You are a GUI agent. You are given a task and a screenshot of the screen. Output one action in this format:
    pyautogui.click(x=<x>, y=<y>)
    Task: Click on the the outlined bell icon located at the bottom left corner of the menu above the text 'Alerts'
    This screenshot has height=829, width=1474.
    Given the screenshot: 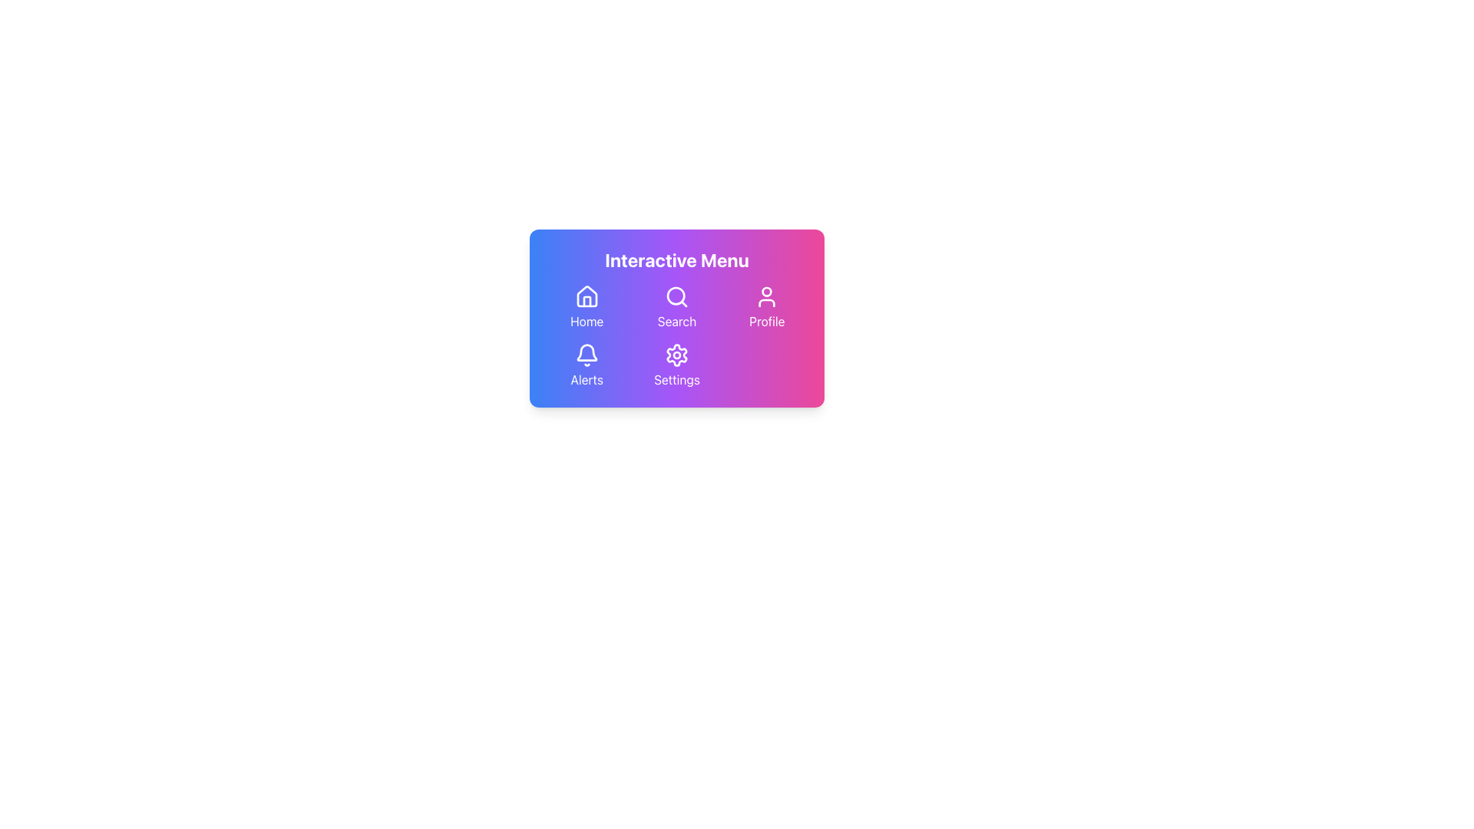 What is the action you would take?
    pyautogui.click(x=586, y=355)
    